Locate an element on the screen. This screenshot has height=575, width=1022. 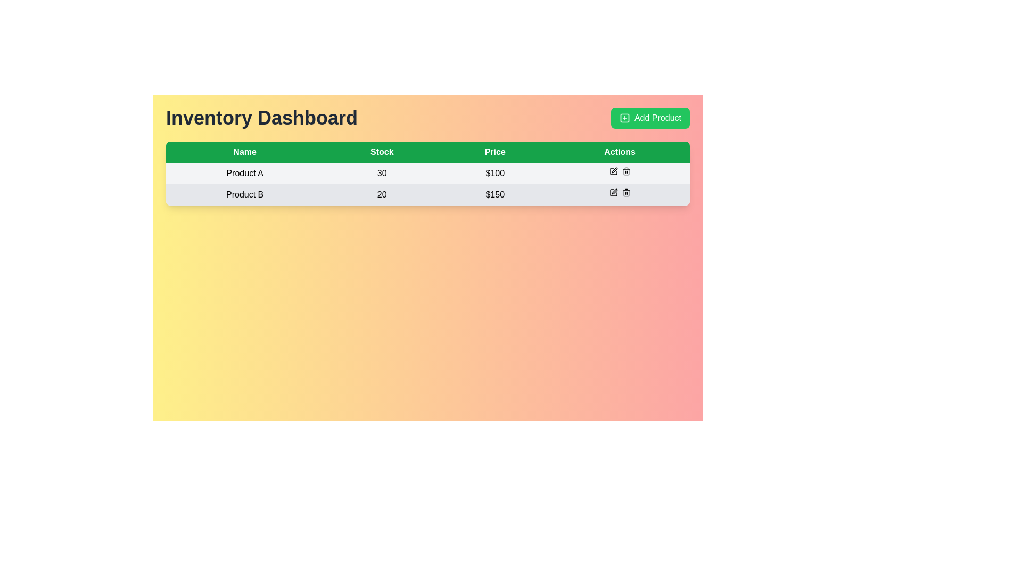
the interactive pen icon button located in the rightmost column labeled 'Actions' of the second row in the table is located at coordinates (613, 193).